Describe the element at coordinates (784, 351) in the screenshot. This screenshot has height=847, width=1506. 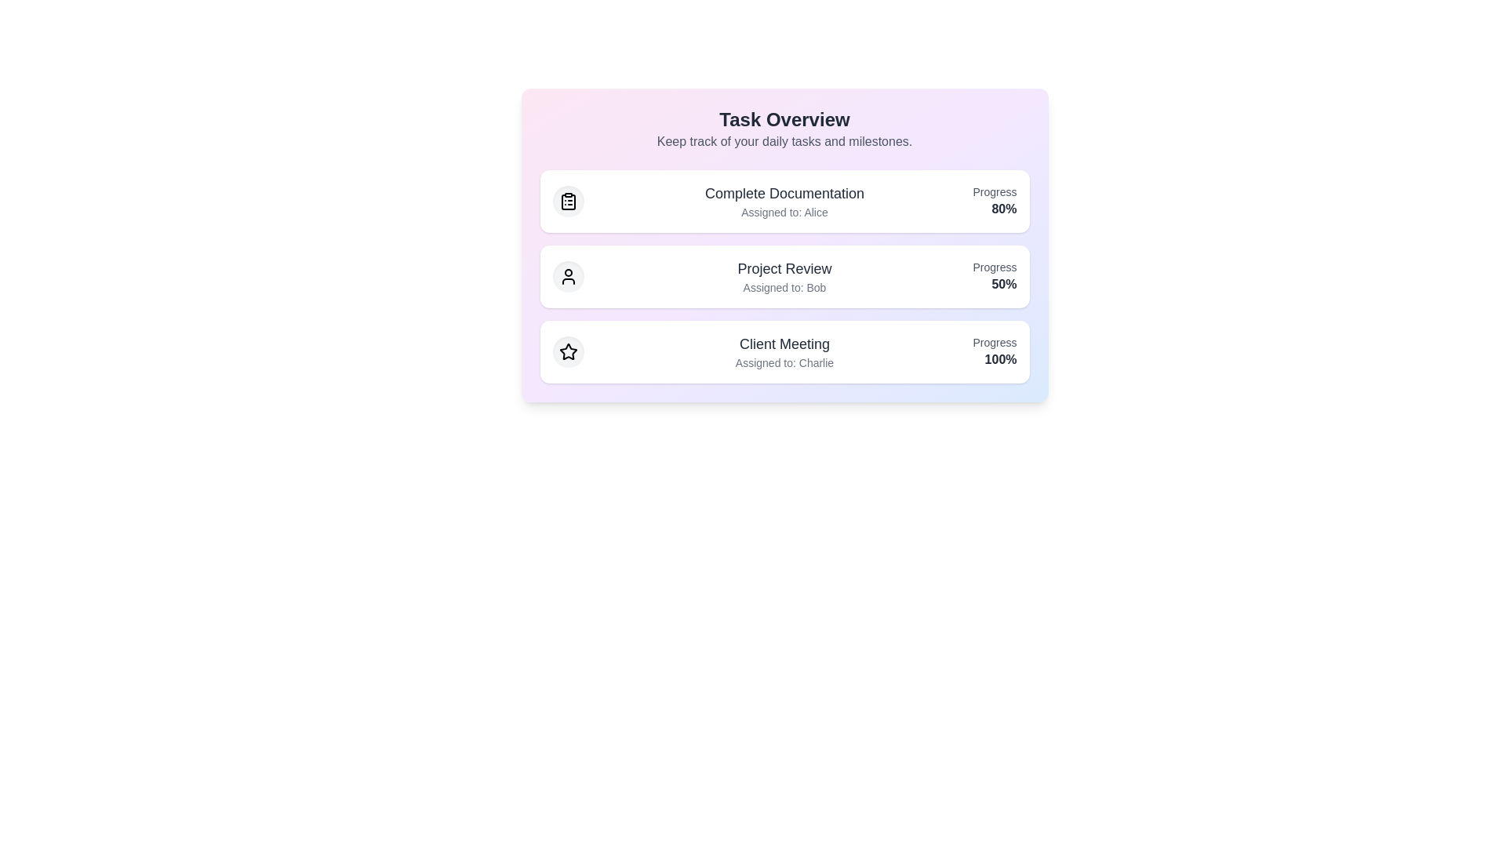
I see `the task item corresponding to Client Meeting` at that location.